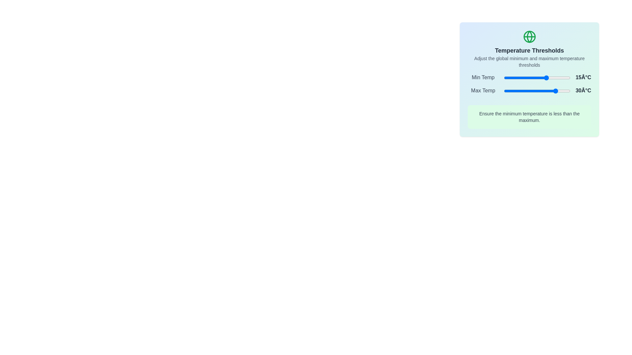 The width and height of the screenshot is (632, 355). I want to click on the minimum temperature slider to -13°C, so click(528, 77).